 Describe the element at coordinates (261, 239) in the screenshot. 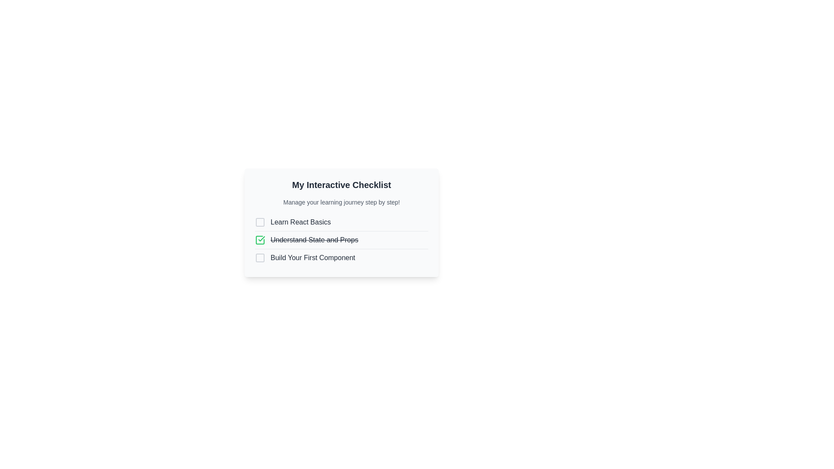

I see `the green checkmark icon within a square box that indicates the completion of the task 'Understand State and Props' in the checklist` at that location.